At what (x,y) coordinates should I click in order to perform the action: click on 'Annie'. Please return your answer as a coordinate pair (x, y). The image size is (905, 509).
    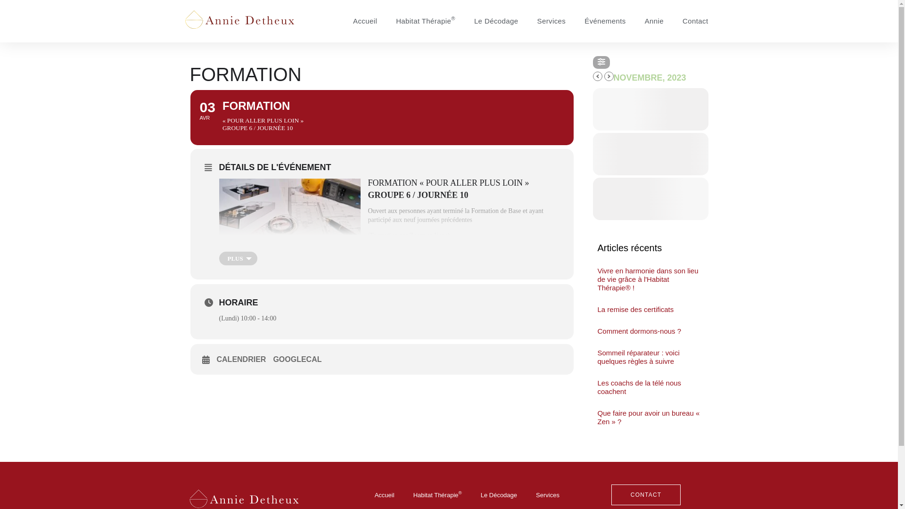
    Looking at the image, I should click on (653, 21).